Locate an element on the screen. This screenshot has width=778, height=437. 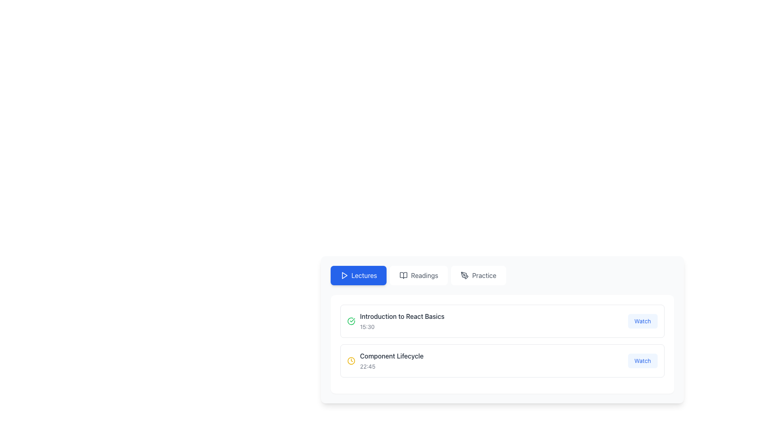
the text label component paired with an icon in the second row of the lecture topics list is located at coordinates (391, 360).